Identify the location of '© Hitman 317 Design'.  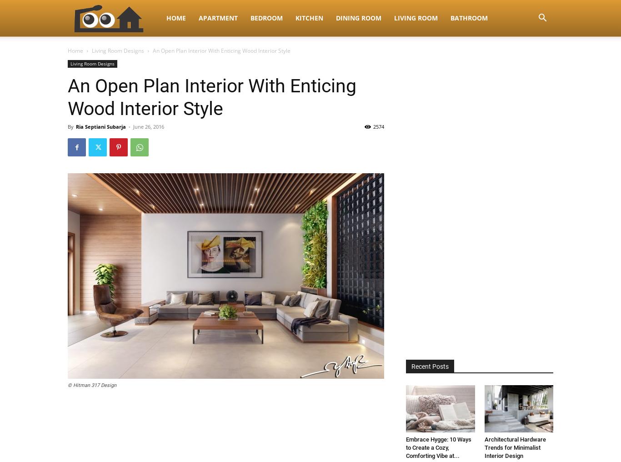
(91, 385).